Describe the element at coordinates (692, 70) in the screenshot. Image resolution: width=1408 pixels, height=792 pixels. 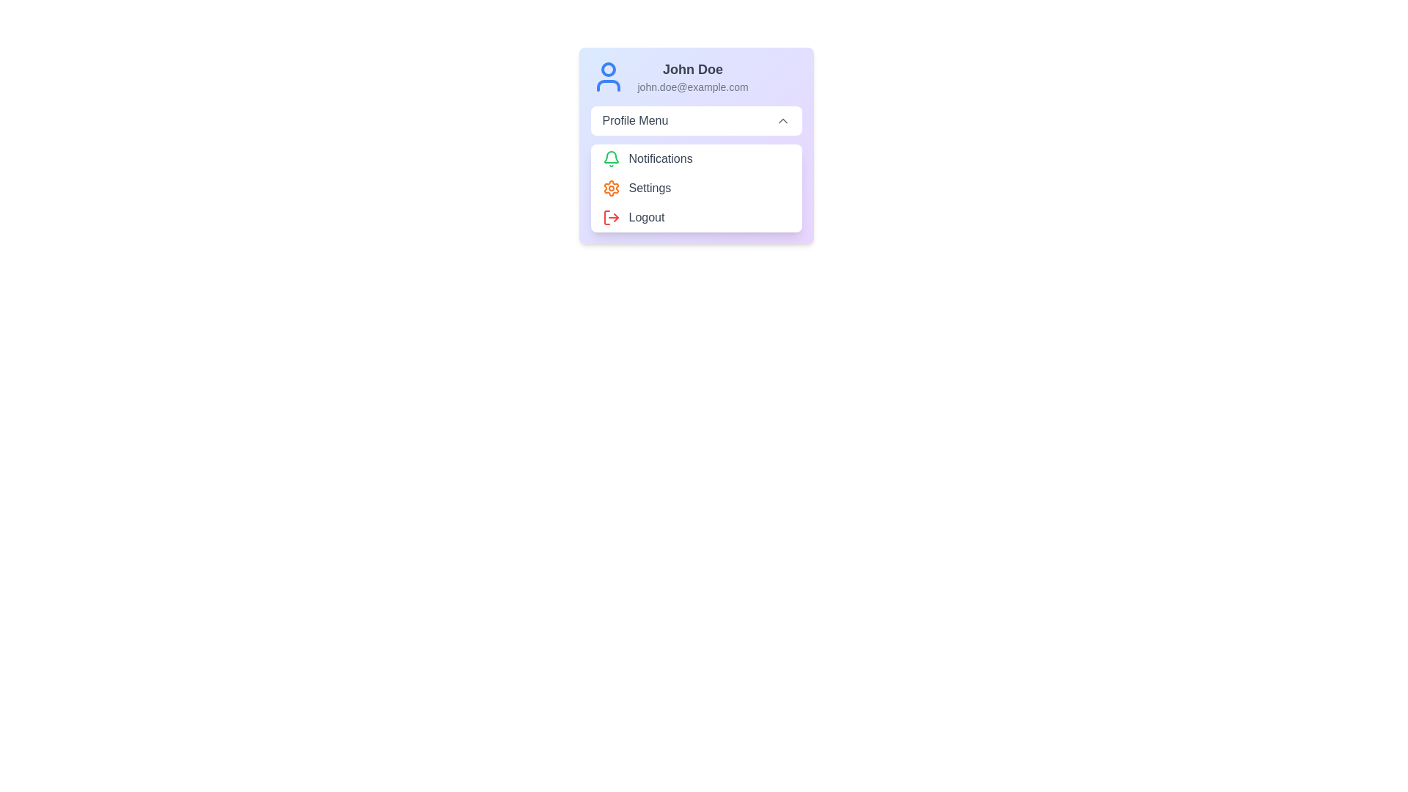
I see `the static text label element displaying 'John Doe' at the top of the user profile card interface` at that location.